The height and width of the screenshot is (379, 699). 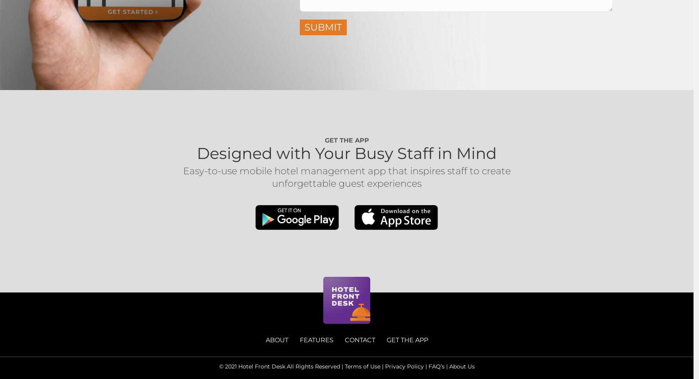 I want to click on 'CONTACT', so click(x=344, y=339).